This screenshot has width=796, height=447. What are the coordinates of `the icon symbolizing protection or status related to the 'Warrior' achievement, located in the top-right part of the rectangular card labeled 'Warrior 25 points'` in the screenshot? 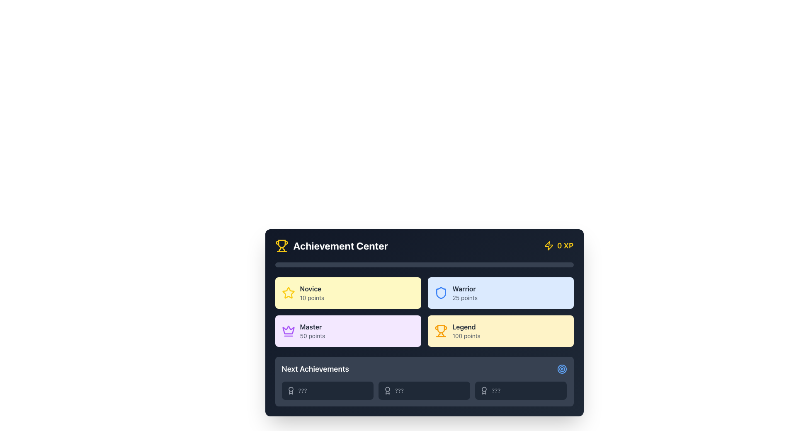 It's located at (440, 293).